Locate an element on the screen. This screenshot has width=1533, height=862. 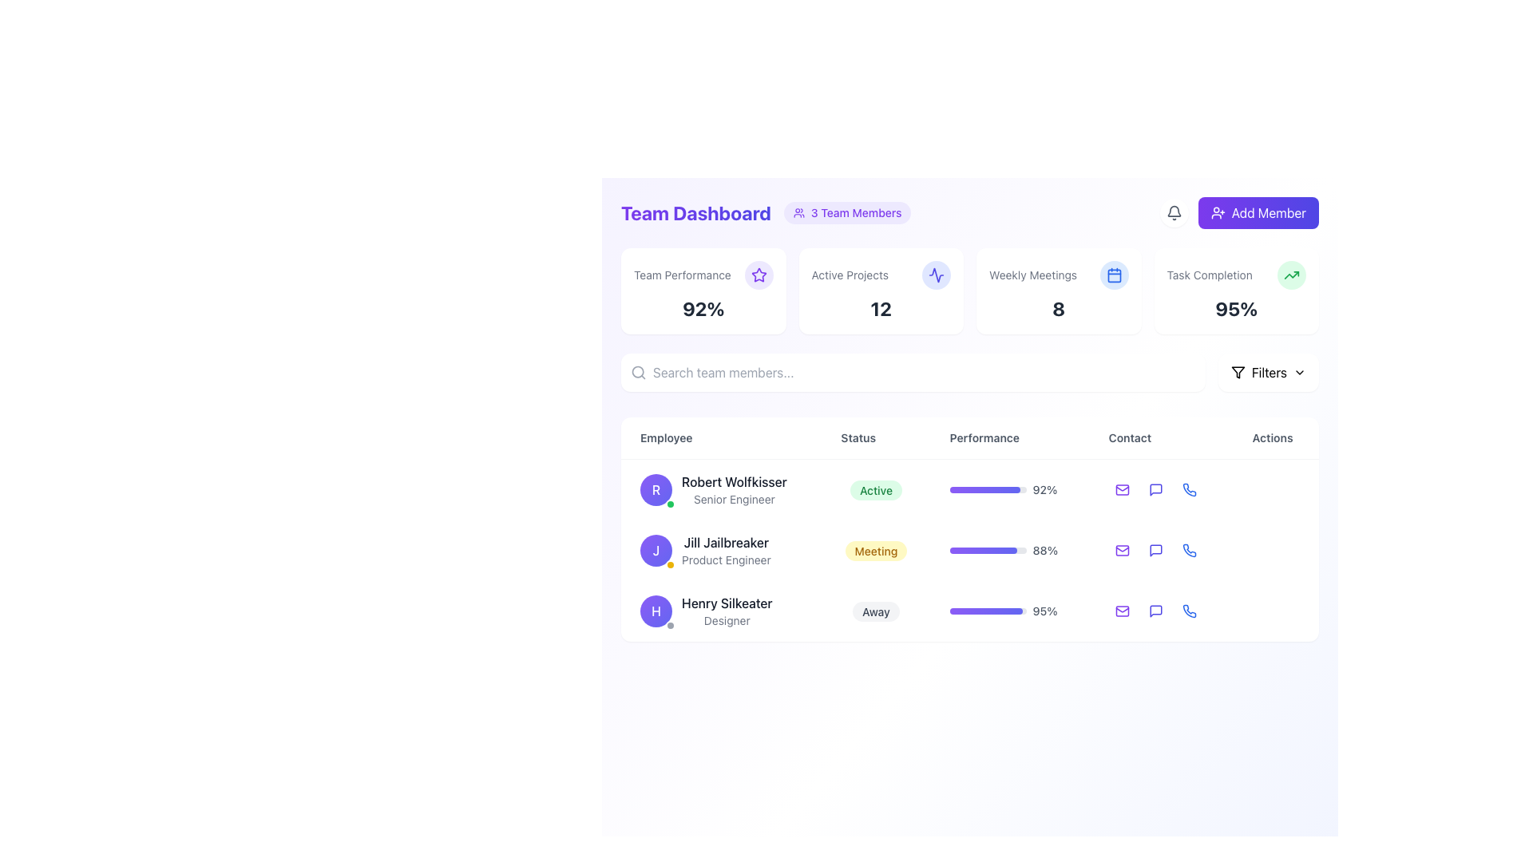
the Icon button in the Actions column for the user 'Jill Jailbreaker' is located at coordinates (1155, 550).